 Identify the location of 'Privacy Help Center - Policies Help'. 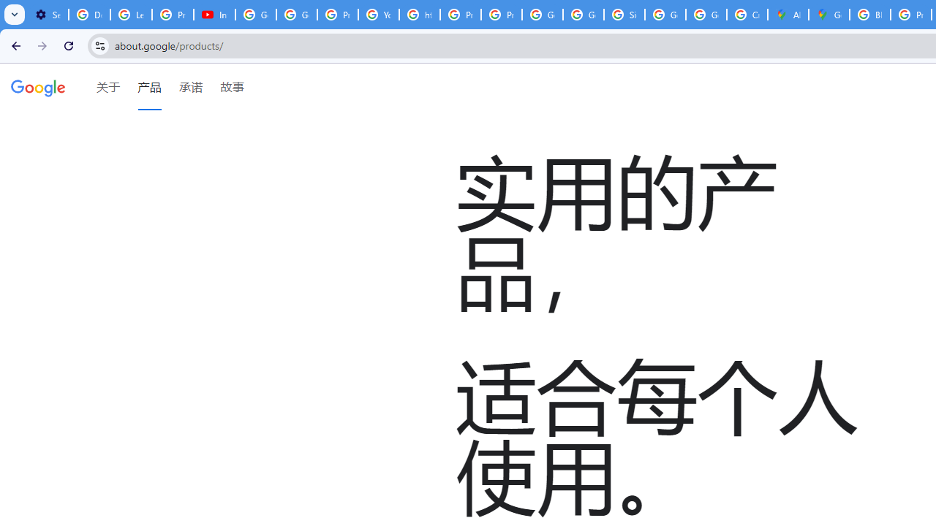
(459, 15).